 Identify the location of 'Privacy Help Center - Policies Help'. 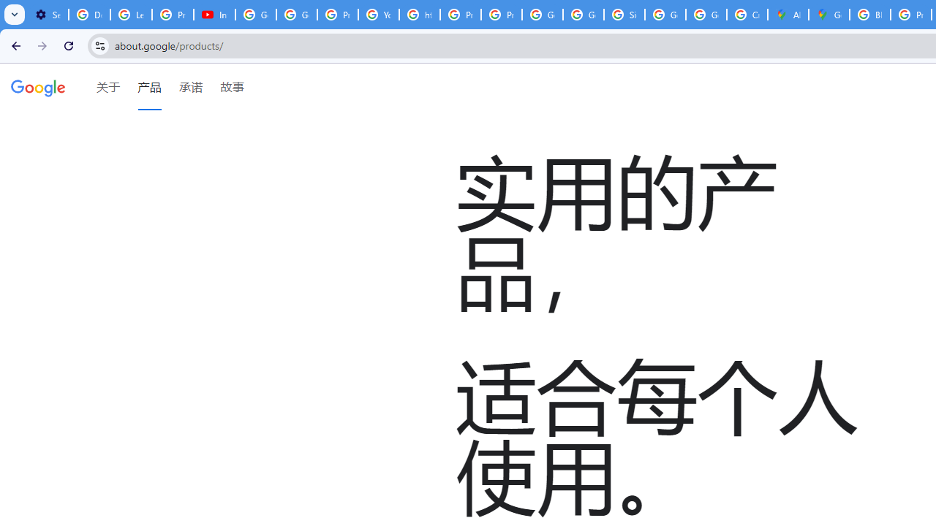
(459, 15).